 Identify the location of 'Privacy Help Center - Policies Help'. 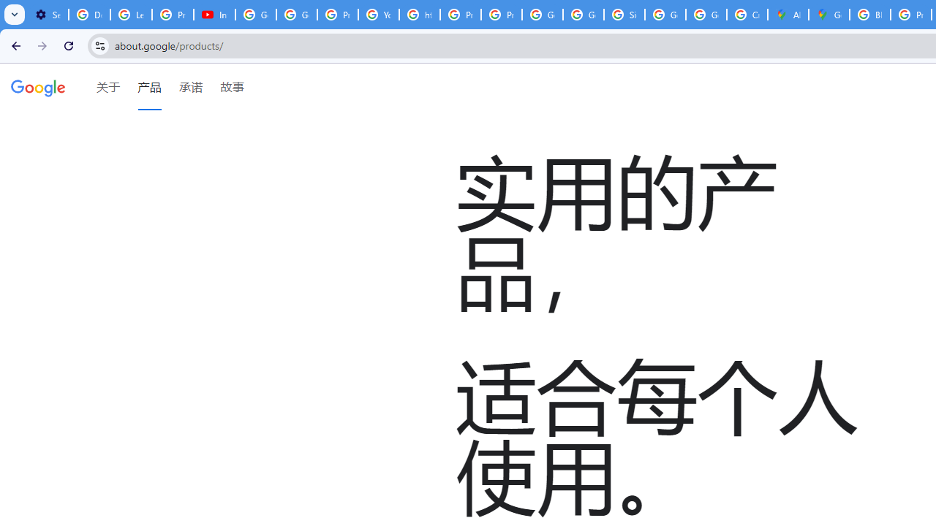
(459, 15).